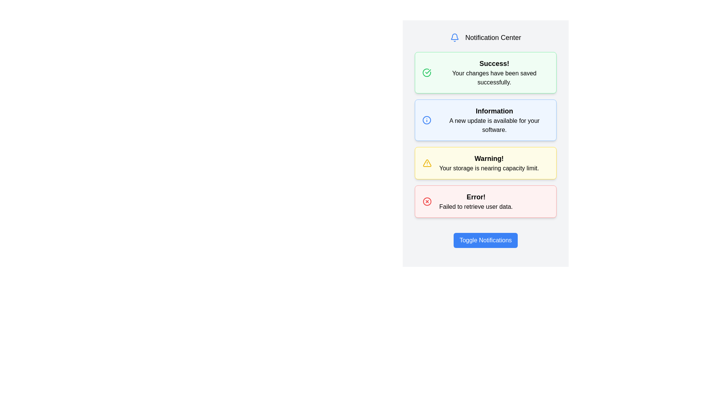  Describe the element at coordinates (485, 72) in the screenshot. I see `message displayed on the Notification Card, which is the first in a vertical list of notifications indicating successful saving of changes` at that location.